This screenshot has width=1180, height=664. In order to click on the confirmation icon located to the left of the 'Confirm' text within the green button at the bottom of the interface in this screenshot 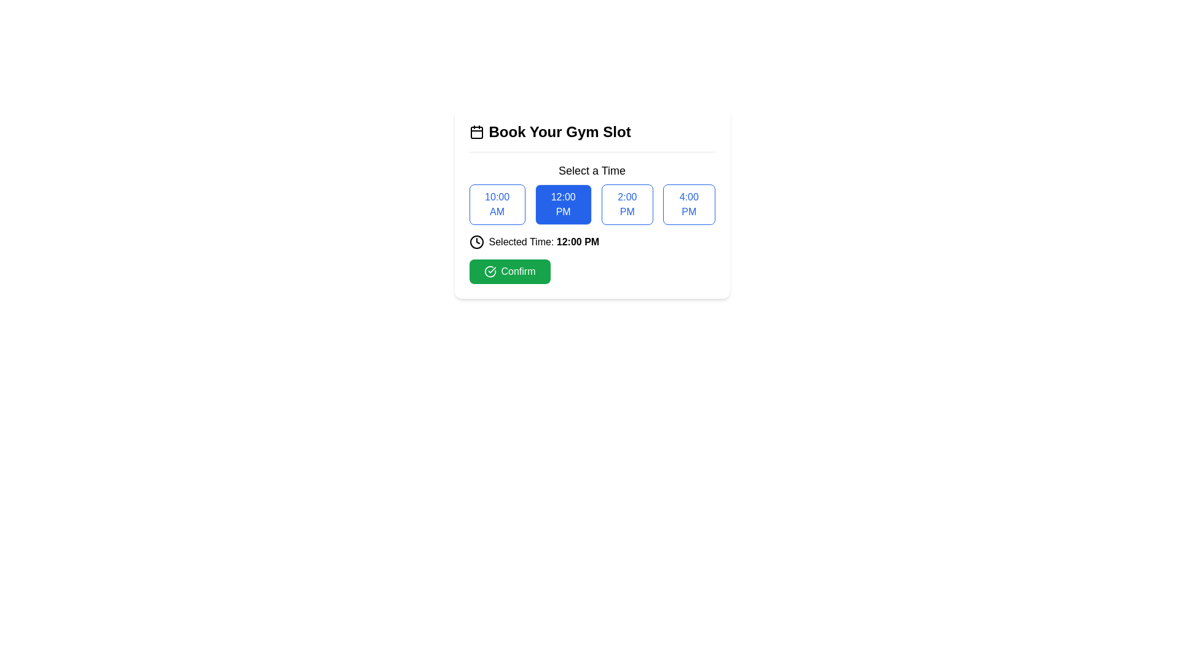, I will do `click(489, 271)`.